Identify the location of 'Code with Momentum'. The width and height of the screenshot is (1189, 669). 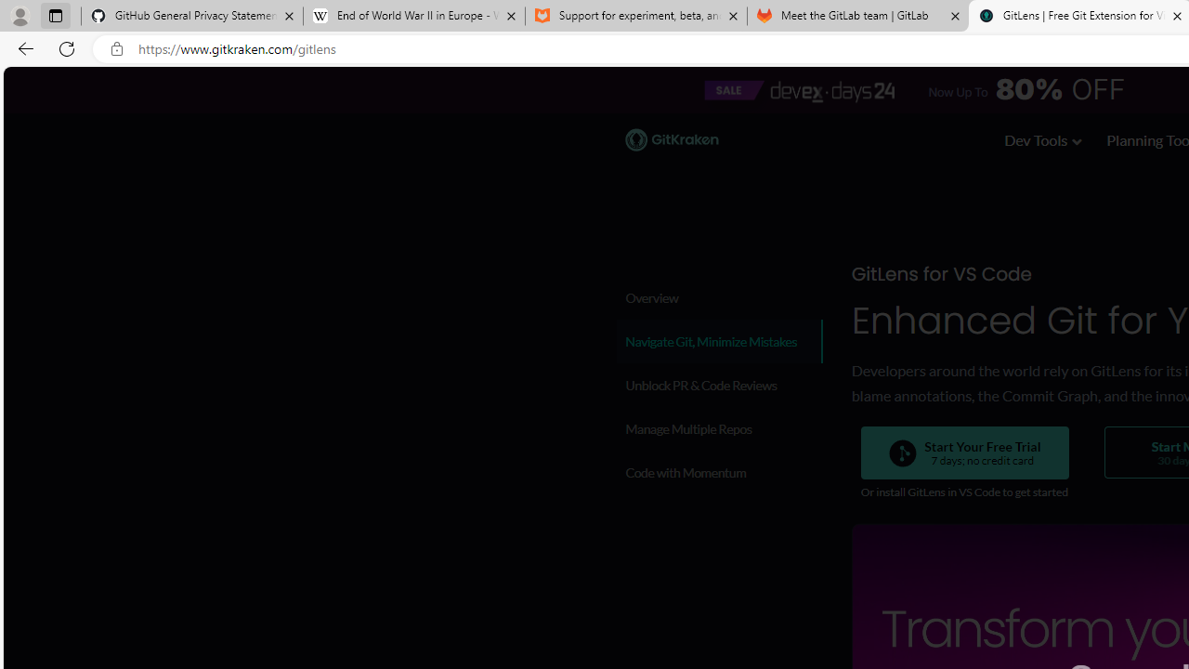
(717, 471).